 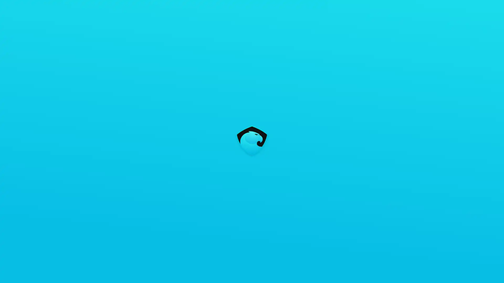 I want to click on Livepeer DEMOCRACY, so click(x=322, y=109).